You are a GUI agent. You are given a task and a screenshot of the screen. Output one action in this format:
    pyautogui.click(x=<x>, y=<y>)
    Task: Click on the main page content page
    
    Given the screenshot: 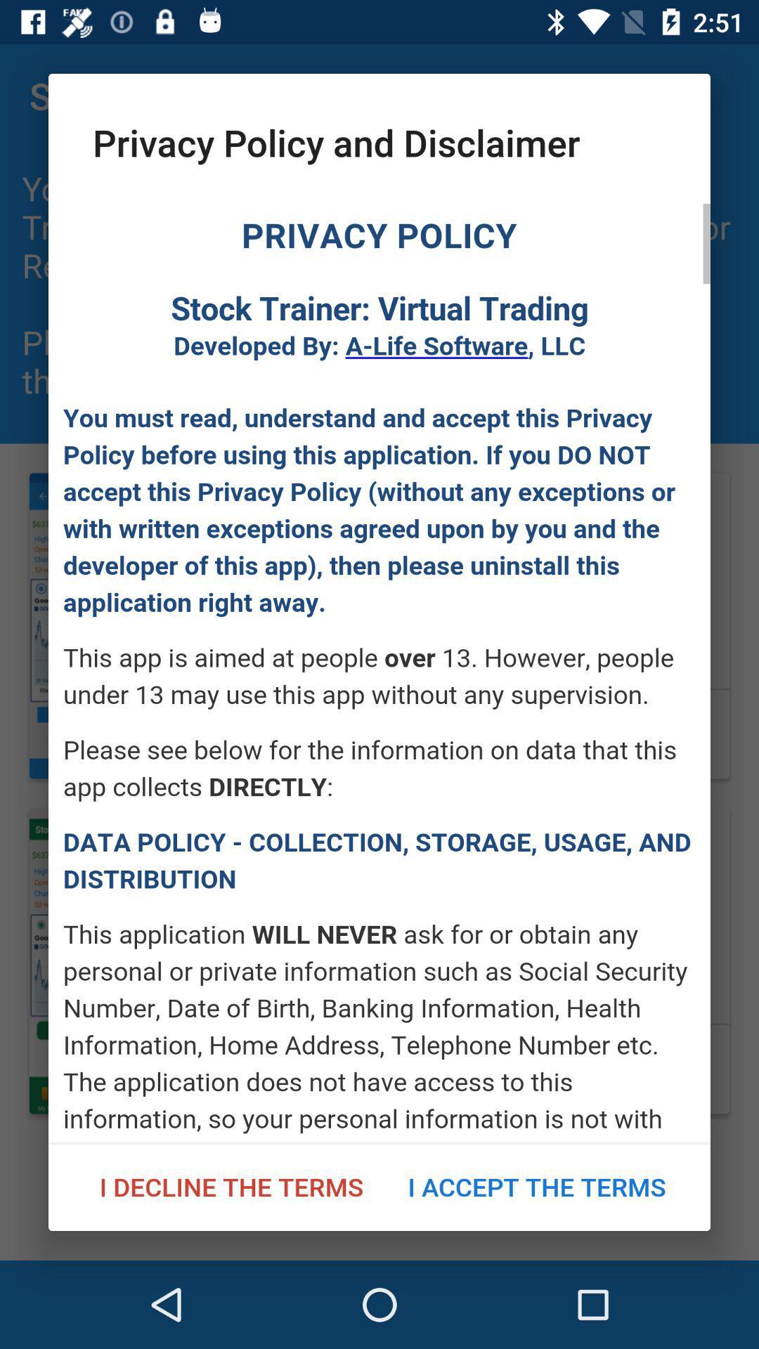 What is the action you would take?
    pyautogui.click(x=379, y=672)
    